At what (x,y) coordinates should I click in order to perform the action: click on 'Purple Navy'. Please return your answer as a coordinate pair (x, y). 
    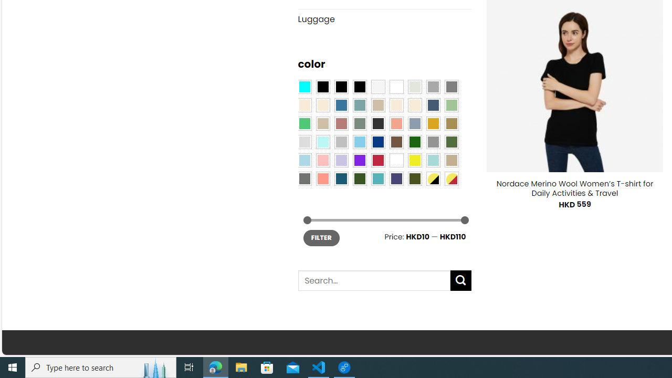
    Looking at the image, I should click on (396, 177).